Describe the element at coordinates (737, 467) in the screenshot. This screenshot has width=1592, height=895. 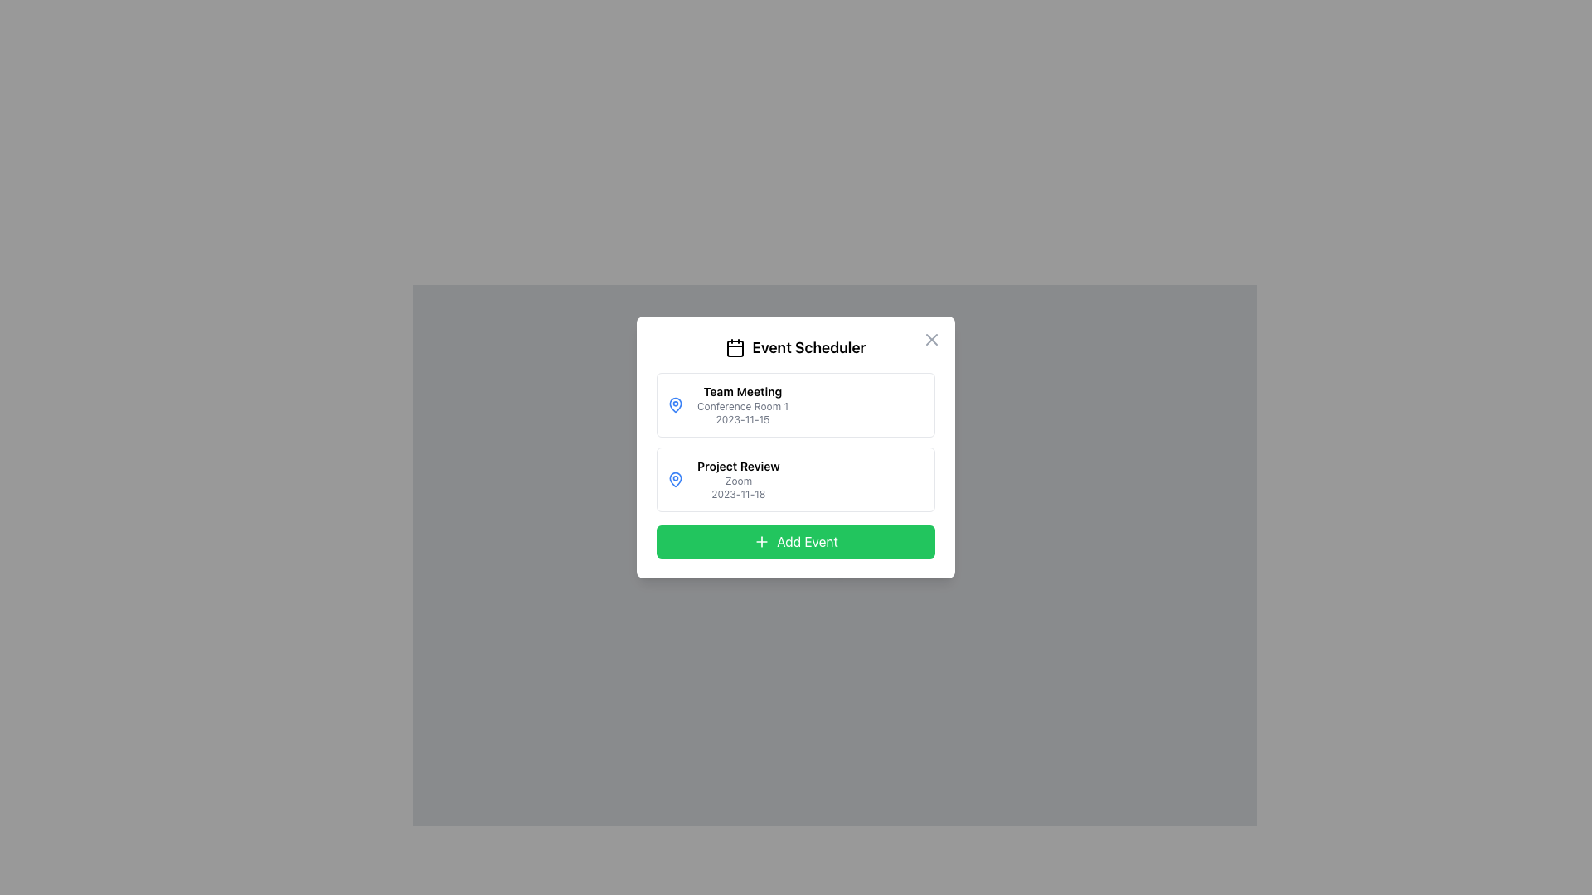
I see `text content of the 'Project Review' label which is bold and centrally aligned in the 'Event Scheduler' modal, positioned above the 'Zoom' and '2023-11-18' indicators` at that location.